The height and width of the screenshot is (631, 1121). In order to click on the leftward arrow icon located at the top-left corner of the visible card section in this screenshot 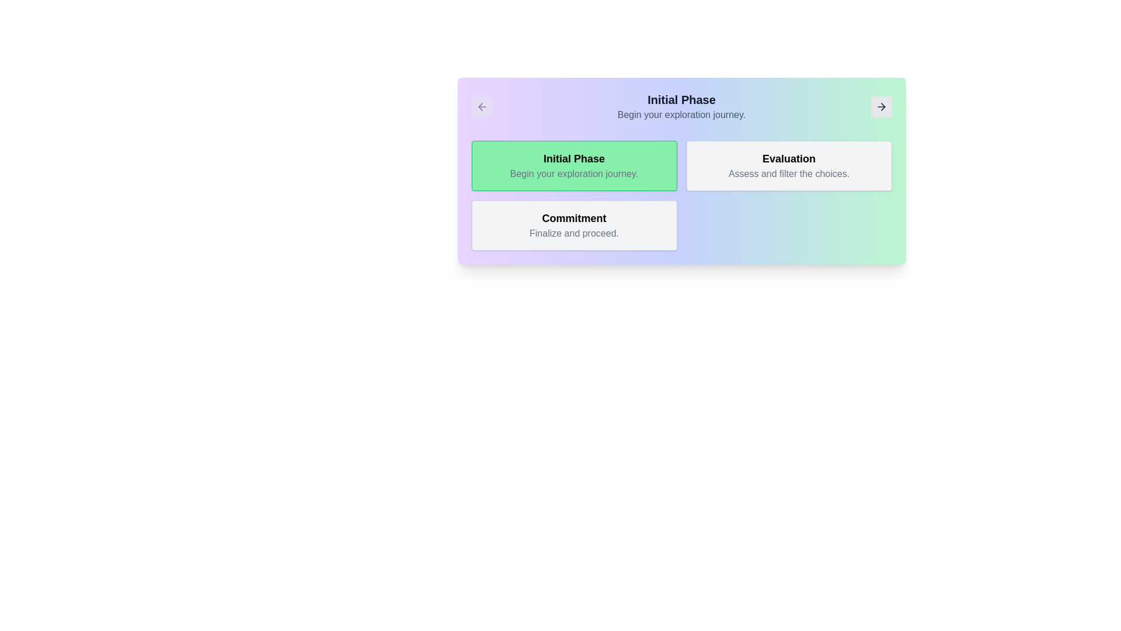, I will do `click(480, 106)`.